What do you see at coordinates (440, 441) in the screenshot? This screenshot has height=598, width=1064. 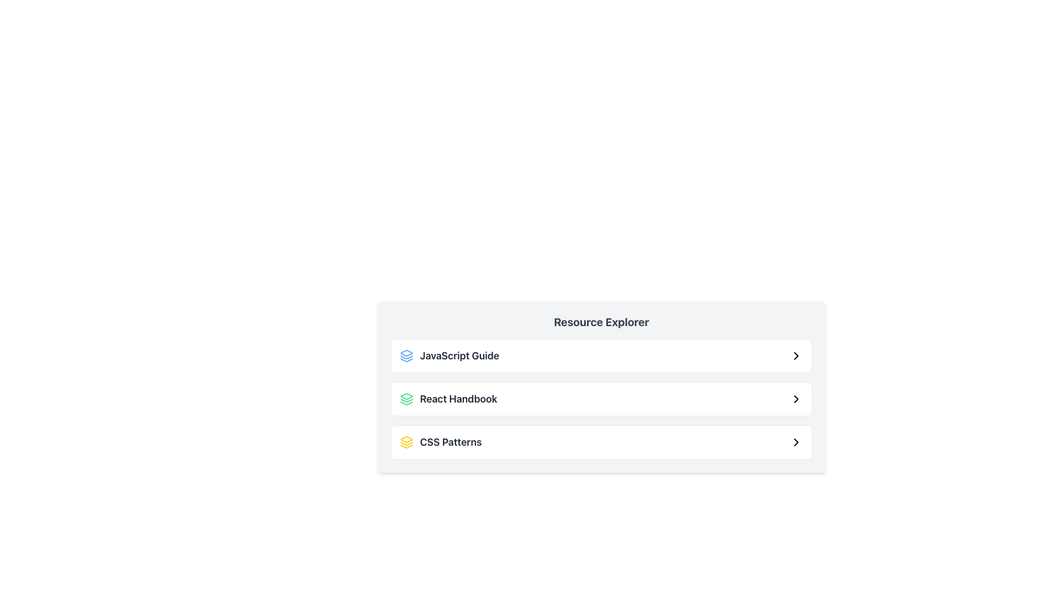 I see `the 'CSS Patterns' list item` at bounding box center [440, 441].